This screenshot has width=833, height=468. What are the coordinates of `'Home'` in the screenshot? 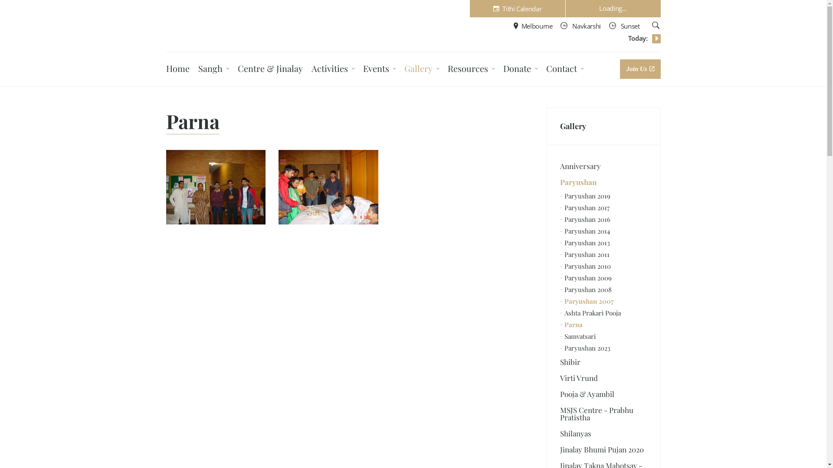 It's located at (177, 69).